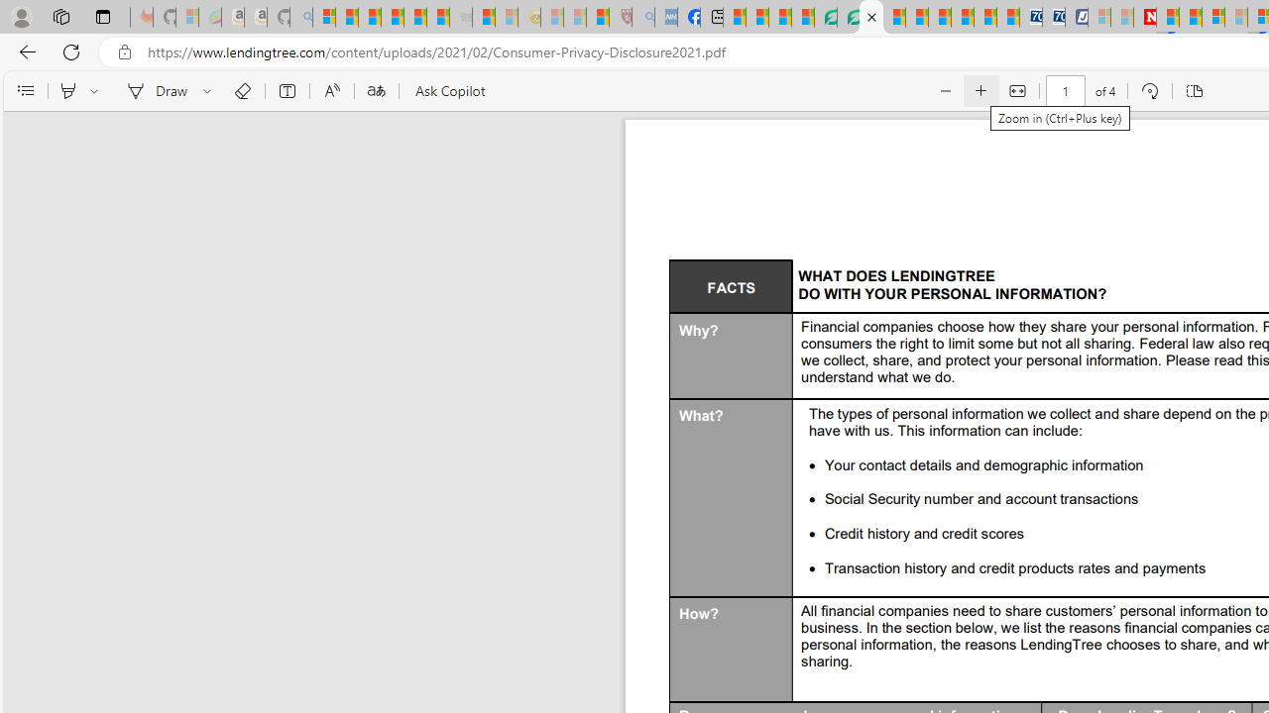 The width and height of the screenshot is (1269, 713). Describe the element at coordinates (460, 17) in the screenshot. I see `'Combat Siege - Sleeping'` at that location.